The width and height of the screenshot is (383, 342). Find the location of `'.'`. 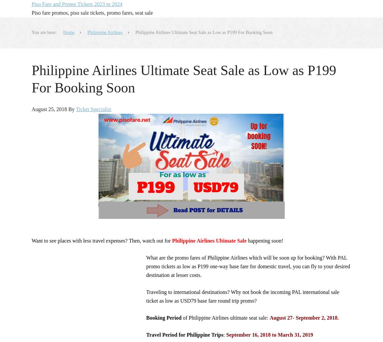

'.' is located at coordinates (338, 317).